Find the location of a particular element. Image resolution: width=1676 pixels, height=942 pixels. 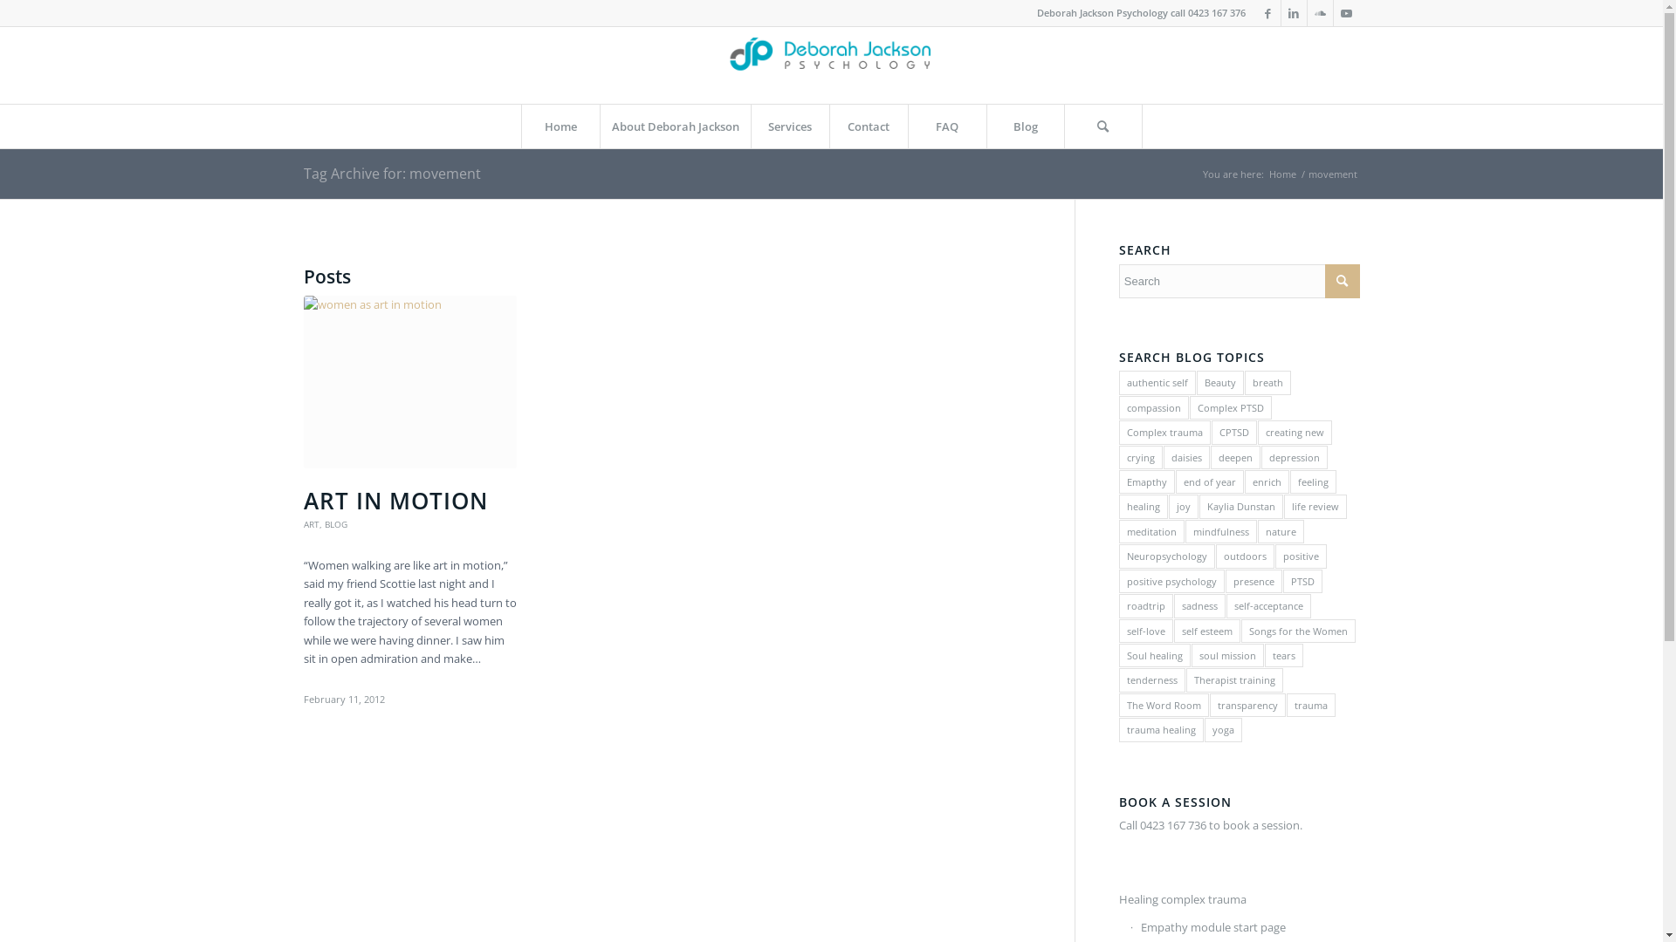

'Facebook' is located at coordinates (1267, 13).